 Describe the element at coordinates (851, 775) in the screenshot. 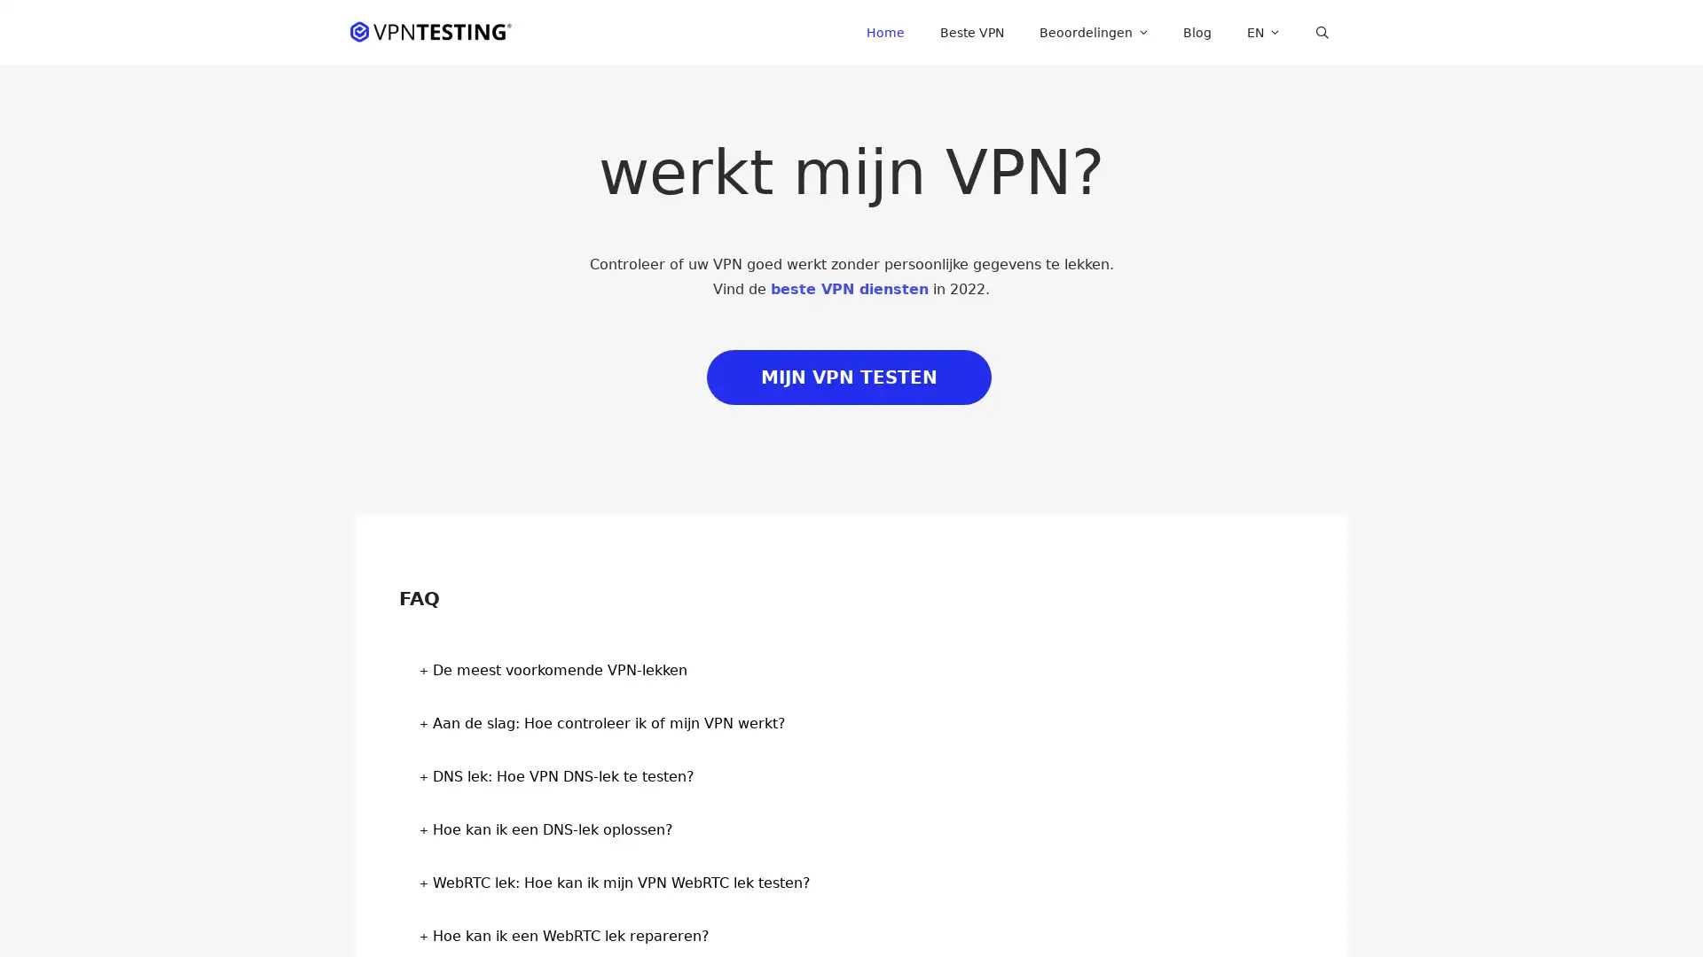

I see `DNS lek: Hoe VPN DNS-lek te testen? +` at that location.